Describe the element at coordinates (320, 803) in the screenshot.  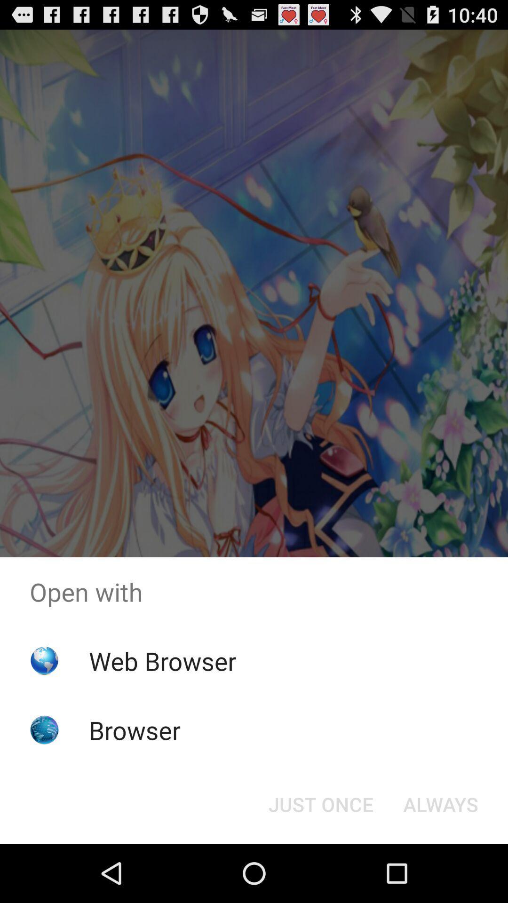
I see `the icon below open with icon` at that location.